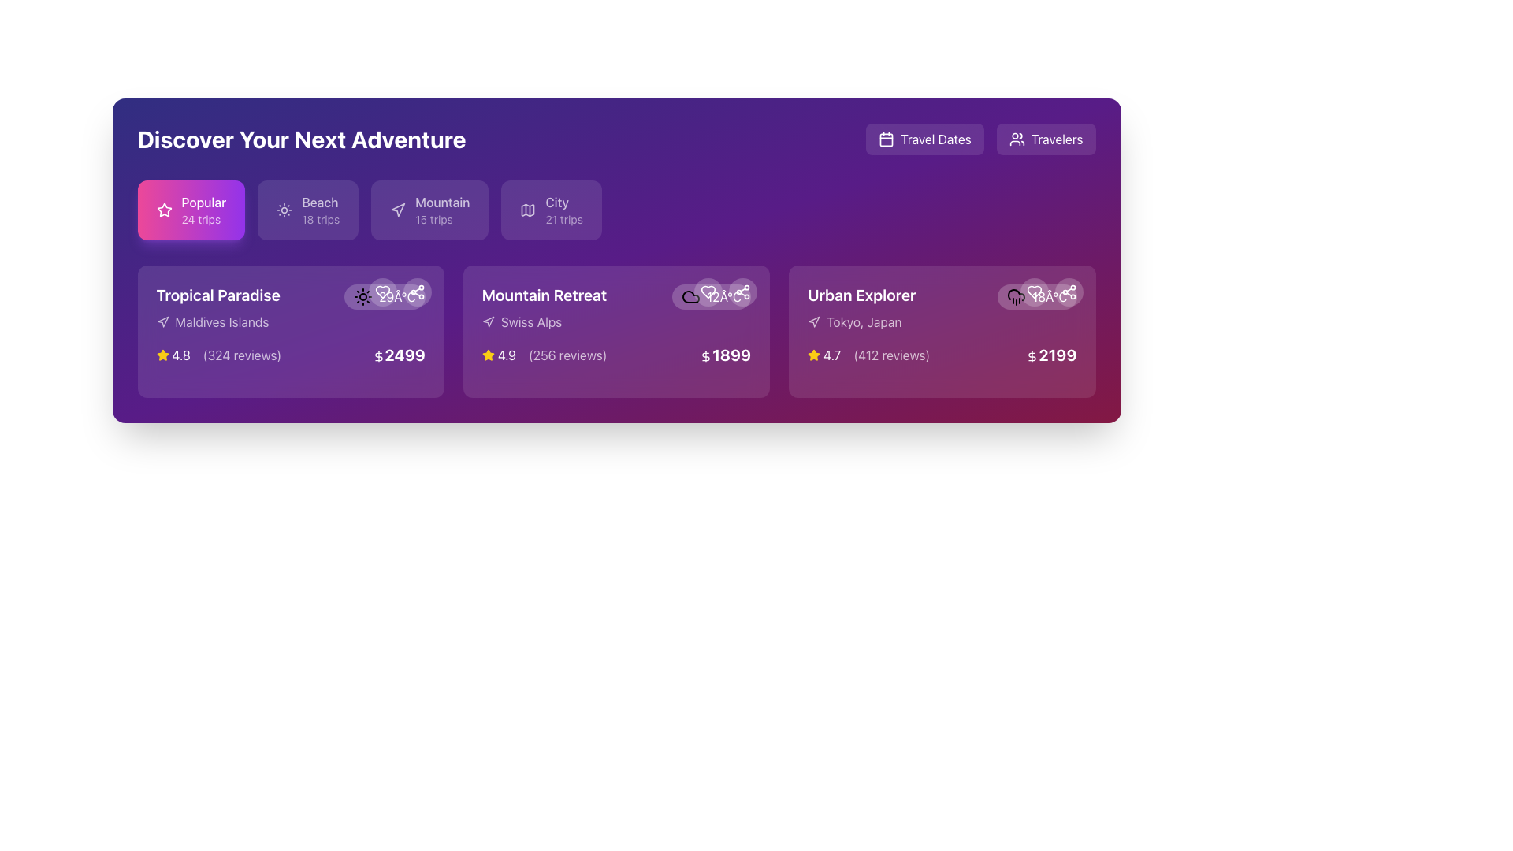  I want to click on text 'Maldives Islands' styled in semi-transparent white color, which is accompanied by a navigation arrow icon to its left, located beneath the title 'Tropical Paradise' in the first card of the 'Discover Your Next Adventure' section, so click(217, 321).